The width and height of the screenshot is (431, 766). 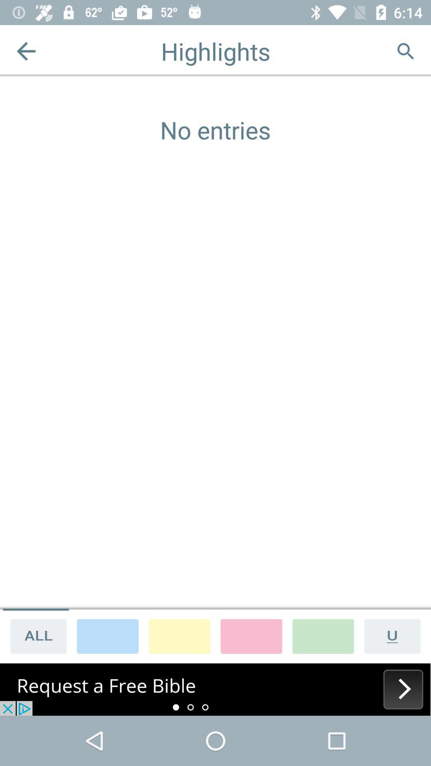 I want to click on color, so click(x=251, y=636).